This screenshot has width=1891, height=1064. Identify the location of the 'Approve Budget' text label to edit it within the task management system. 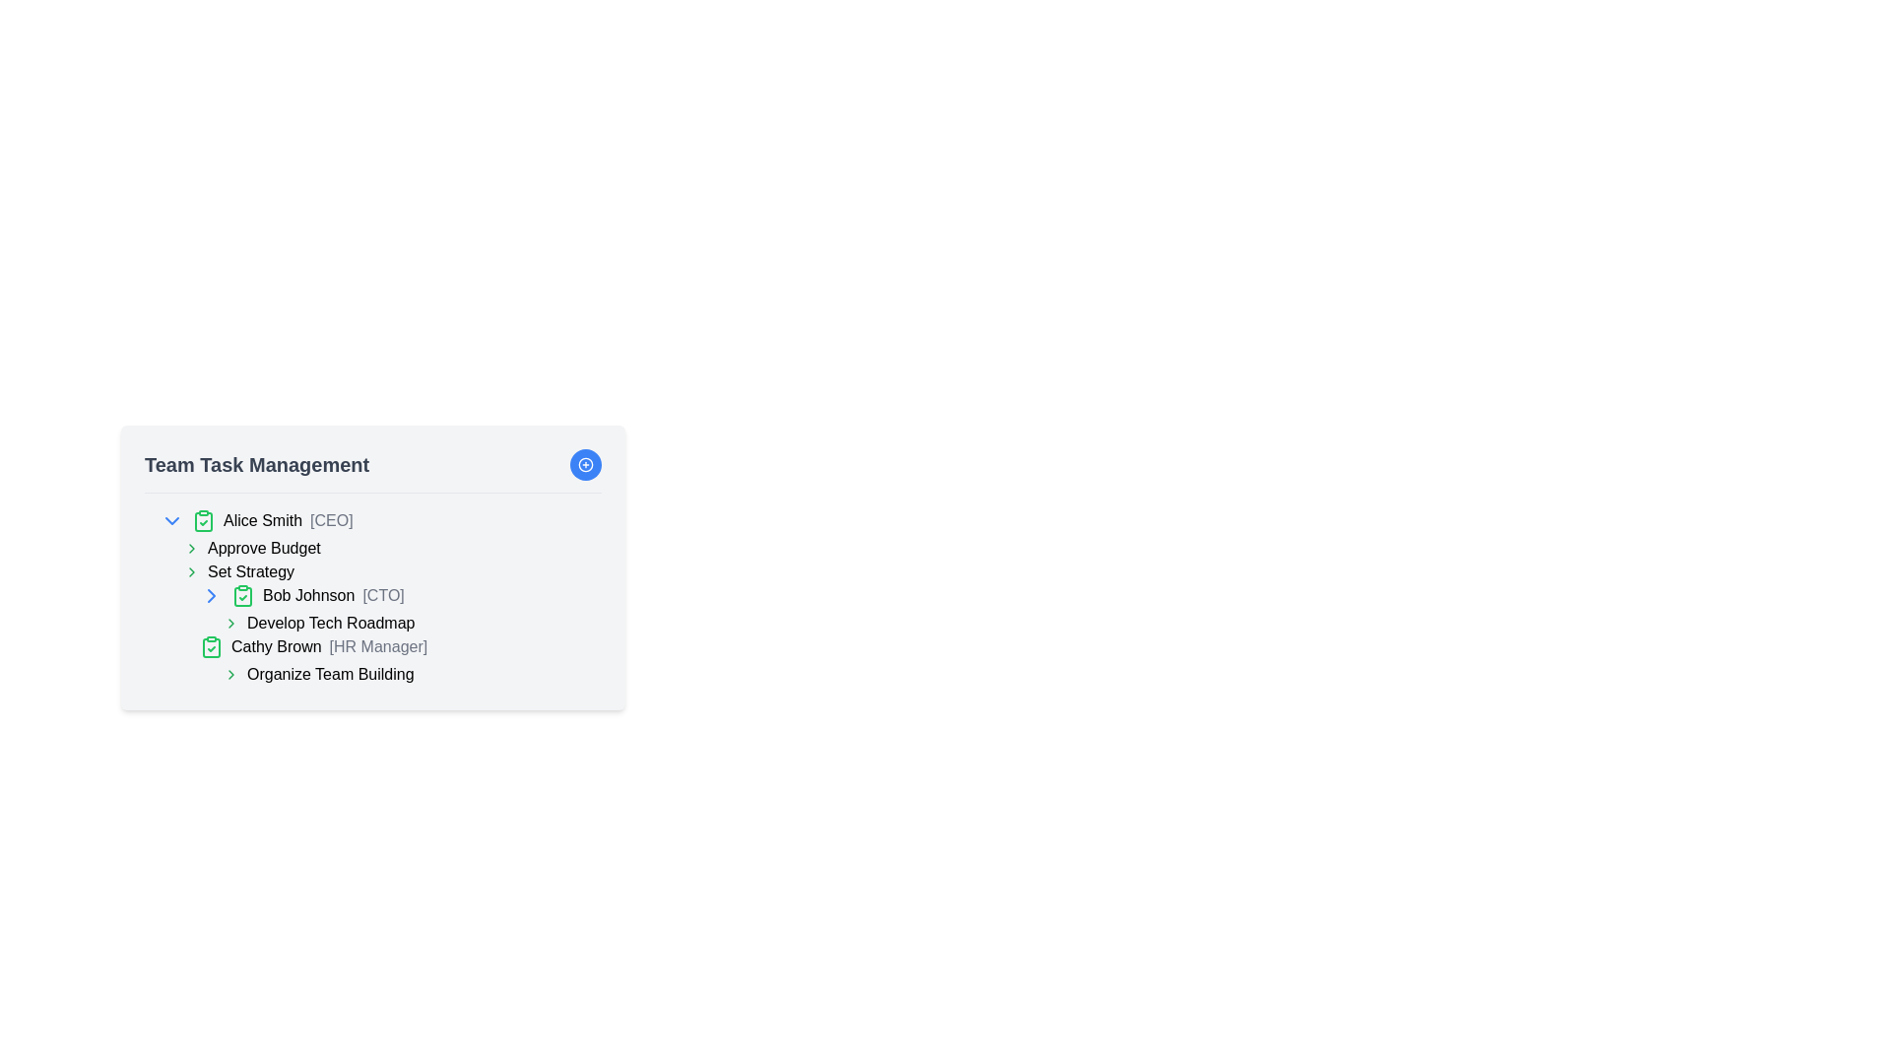
(263, 548).